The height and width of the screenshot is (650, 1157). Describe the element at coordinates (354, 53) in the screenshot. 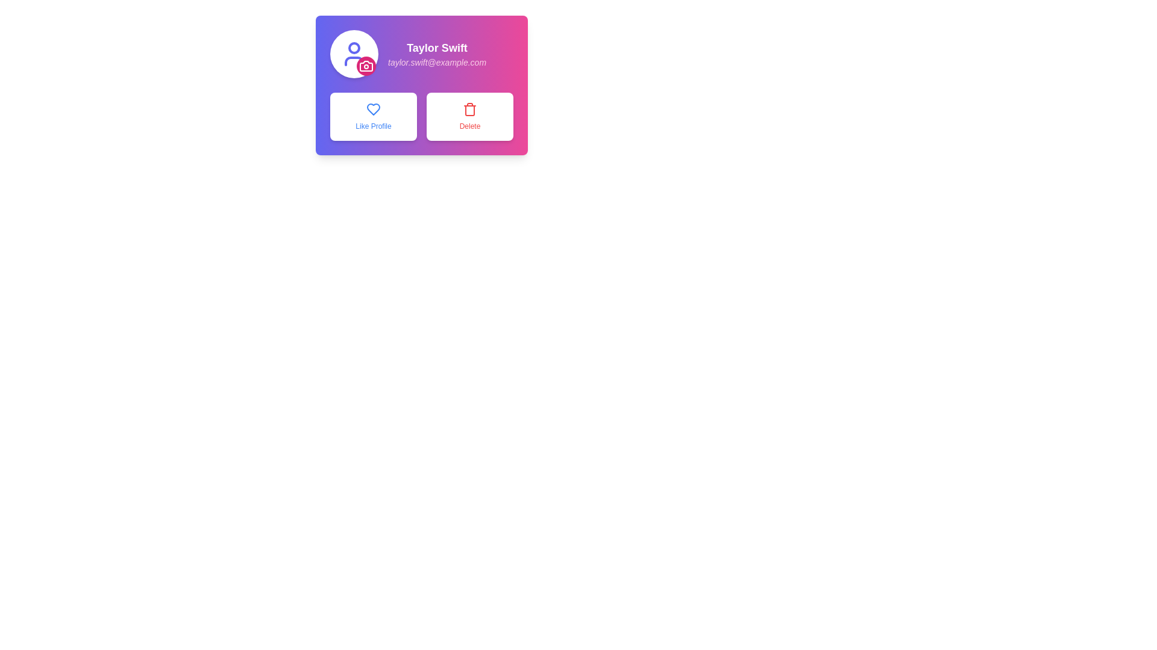

I see `circular avatar with a white background and blue user icon, which has a small pink circular button with a camera icon overlaying the bottom right corner` at that location.